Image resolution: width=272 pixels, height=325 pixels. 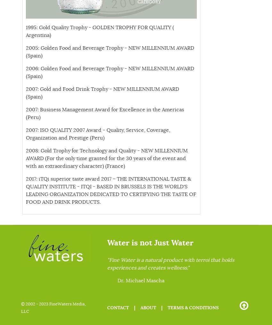 What do you see at coordinates (110, 191) in the screenshot?
I see `'2017: iTQi superior taste award 2017 – THE INTERNATIONAL TASTE & QUALITY INSTITUTE - ITQI - BASED IN BRUSSELS IS THE WORLD'S LEADING ORGANIZATION DEDICATED TO CERTIFYING THE TASTE OF FOOD AND DRINK PRODUCTS.'` at bounding box center [110, 191].